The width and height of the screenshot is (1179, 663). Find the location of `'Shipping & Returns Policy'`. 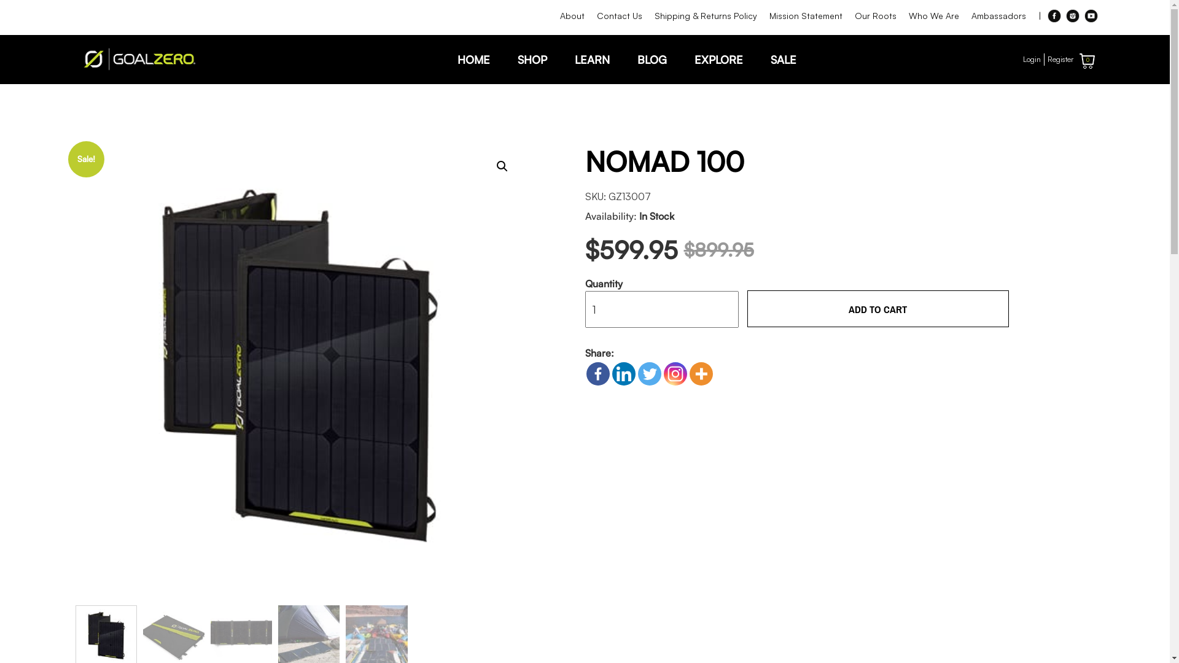

'Shipping & Returns Policy' is located at coordinates (648, 16).